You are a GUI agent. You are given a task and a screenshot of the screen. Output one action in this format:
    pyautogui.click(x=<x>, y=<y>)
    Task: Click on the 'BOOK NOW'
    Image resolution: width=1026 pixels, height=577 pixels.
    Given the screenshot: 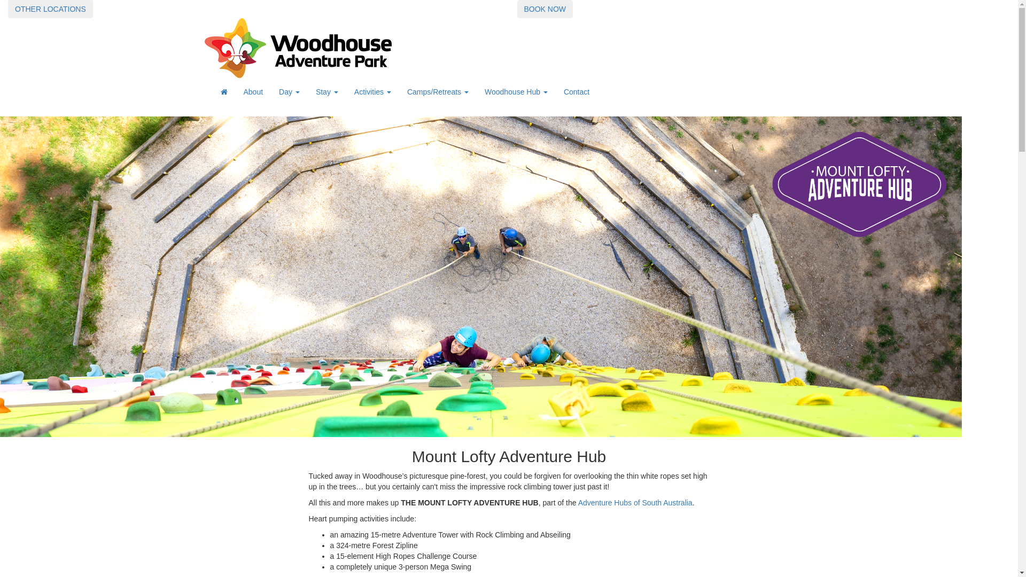 What is the action you would take?
    pyautogui.click(x=545, y=9)
    